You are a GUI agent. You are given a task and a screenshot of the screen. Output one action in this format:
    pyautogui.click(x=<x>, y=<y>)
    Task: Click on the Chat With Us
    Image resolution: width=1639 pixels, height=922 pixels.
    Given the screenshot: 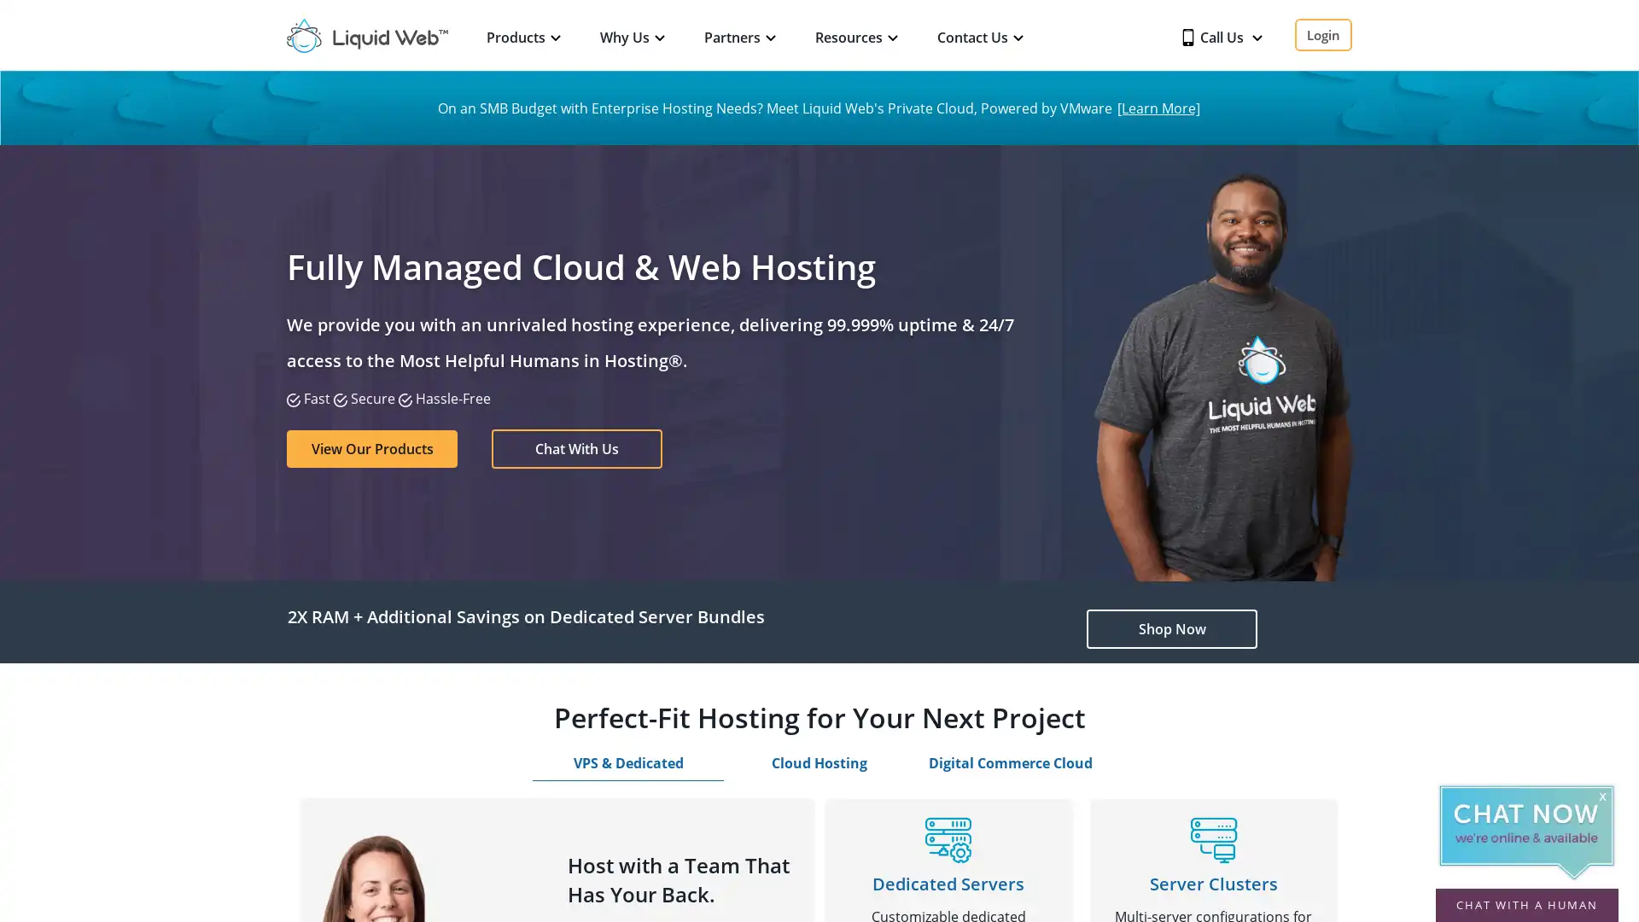 What is the action you would take?
    pyautogui.click(x=577, y=447)
    